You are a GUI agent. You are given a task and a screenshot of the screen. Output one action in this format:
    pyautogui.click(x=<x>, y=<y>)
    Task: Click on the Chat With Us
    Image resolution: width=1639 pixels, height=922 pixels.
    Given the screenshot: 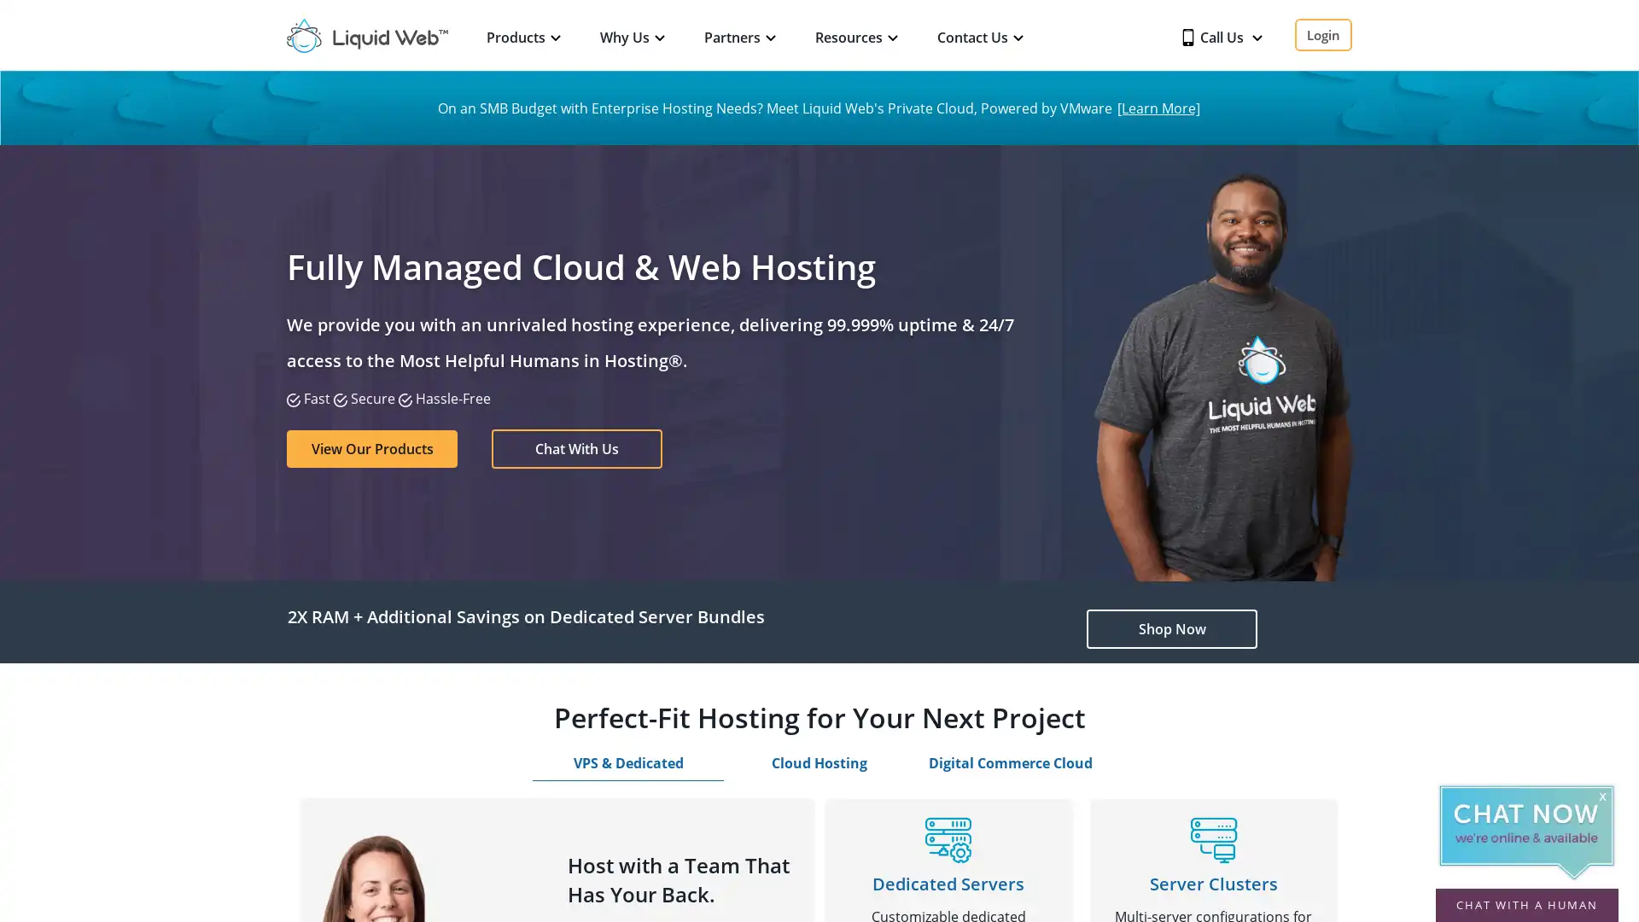 What is the action you would take?
    pyautogui.click(x=577, y=447)
    